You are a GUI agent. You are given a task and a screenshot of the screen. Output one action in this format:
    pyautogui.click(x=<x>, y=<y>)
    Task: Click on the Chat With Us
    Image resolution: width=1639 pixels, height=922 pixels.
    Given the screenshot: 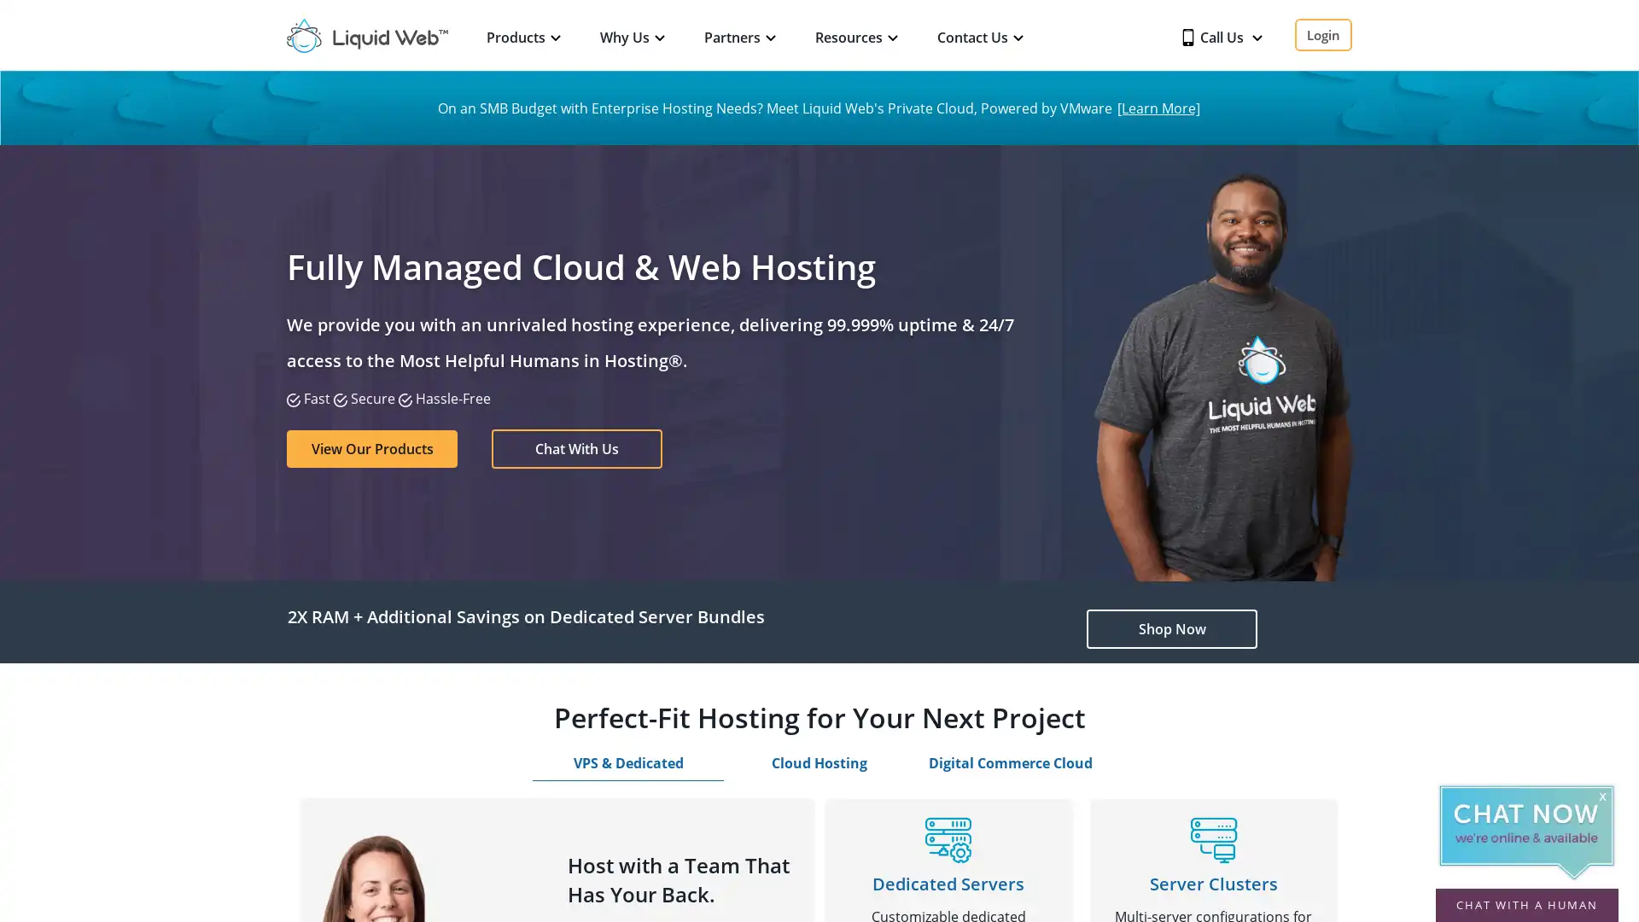 What is the action you would take?
    pyautogui.click(x=577, y=447)
    